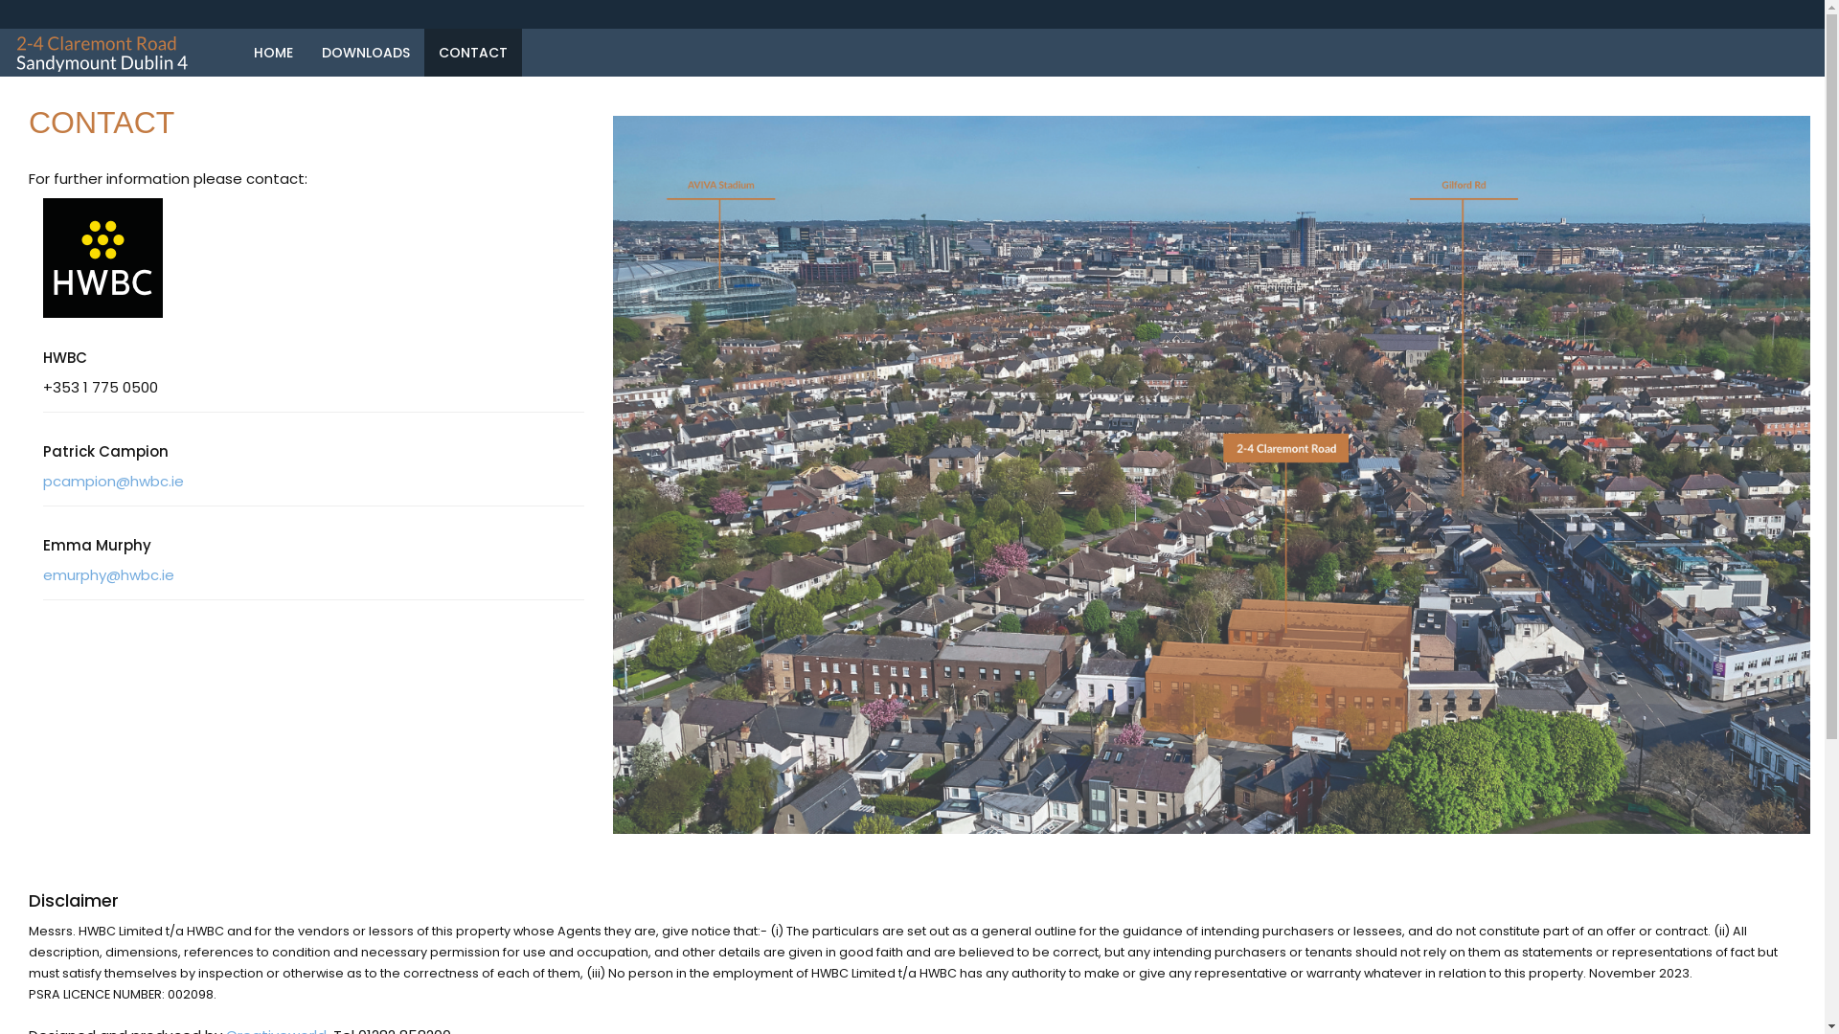 The image size is (1839, 1034). What do you see at coordinates (42, 480) in the screenshot?
I see `'pcampion@hwbc.ie'` at bounding box center [42, 480].